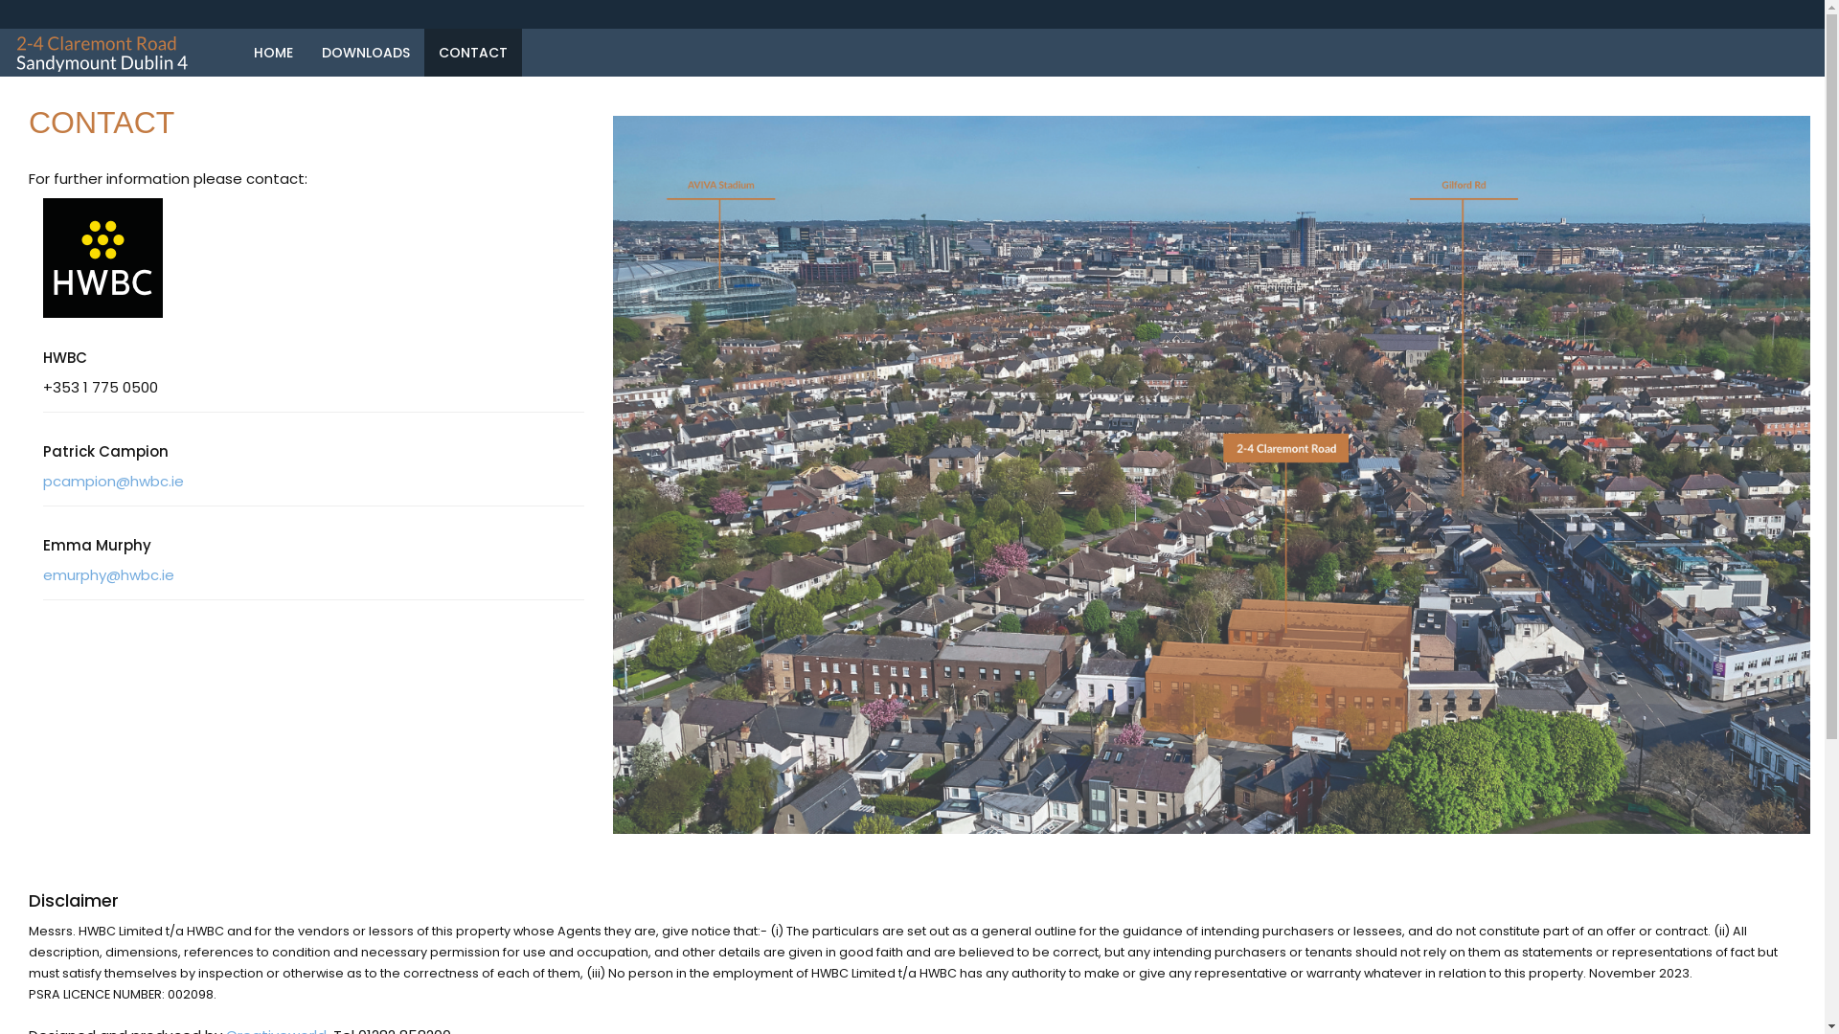 The image size is (1839, 1034). What do you see at coordinates (42, 480) in the screenshot?
I see `'pcampion@hwbc.ie'` at bounding box center [42, 480].